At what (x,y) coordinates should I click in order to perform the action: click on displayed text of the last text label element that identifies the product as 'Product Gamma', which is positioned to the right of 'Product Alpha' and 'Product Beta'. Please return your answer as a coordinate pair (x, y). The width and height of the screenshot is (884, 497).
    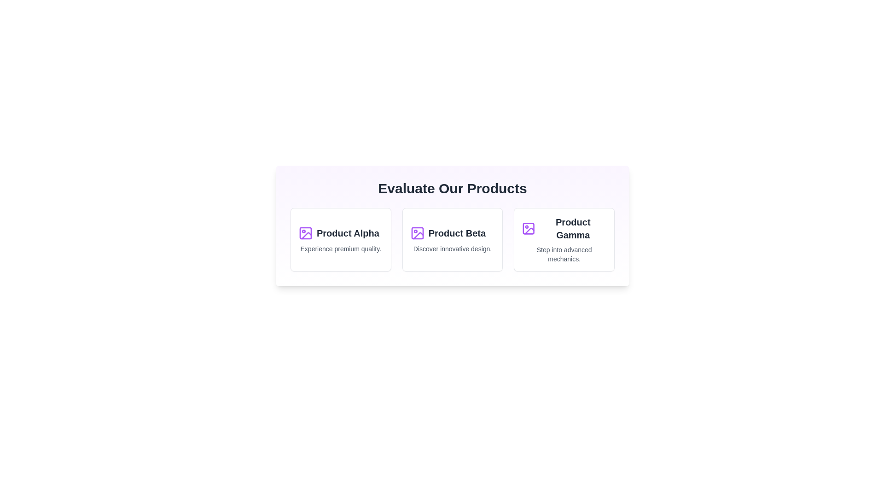
    Looking at the image, I should click on (572, 228).